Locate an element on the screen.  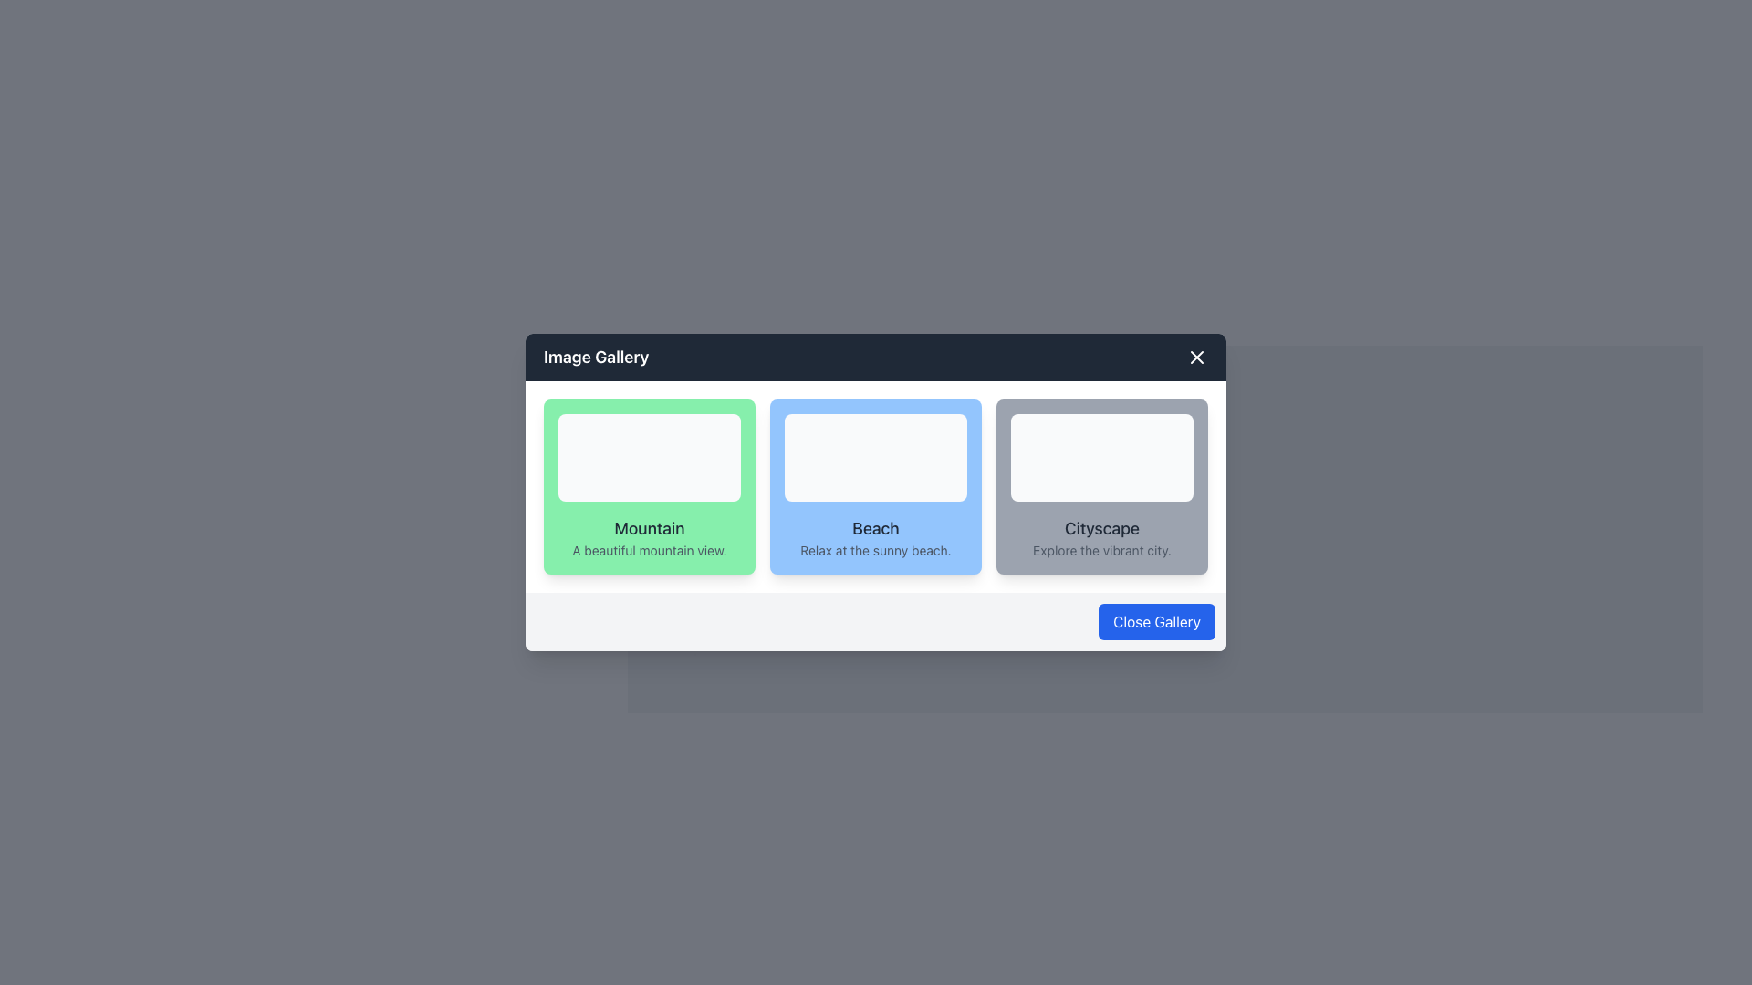
the close button located at the bottom-right corner of the gallery modal to observe potential state changes is located at coordinates (1156, 621).